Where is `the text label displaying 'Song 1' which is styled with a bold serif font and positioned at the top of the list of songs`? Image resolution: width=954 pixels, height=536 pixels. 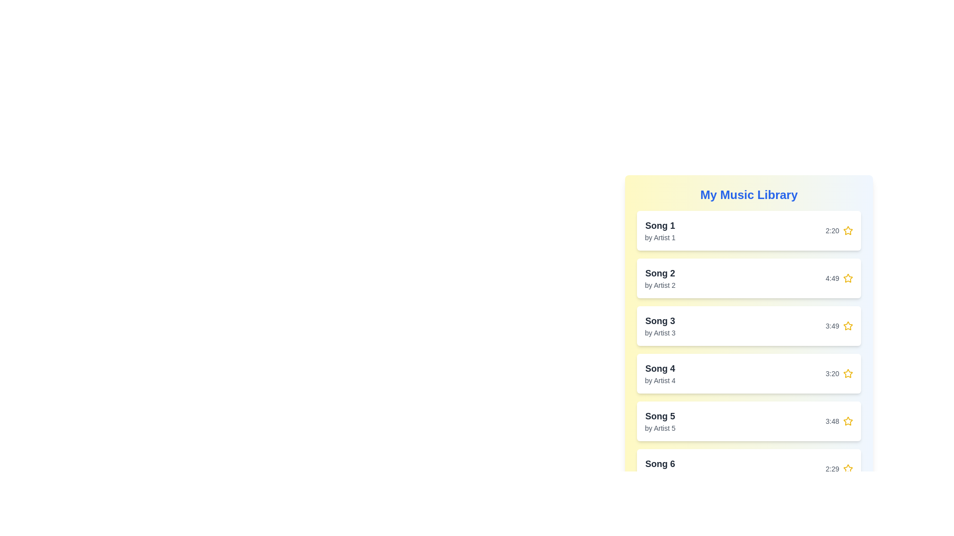 the text label displaying 'Song 1' which is styled with a bold serif font and positioned at the top of the list of songs is located at coordinates (660, 226).